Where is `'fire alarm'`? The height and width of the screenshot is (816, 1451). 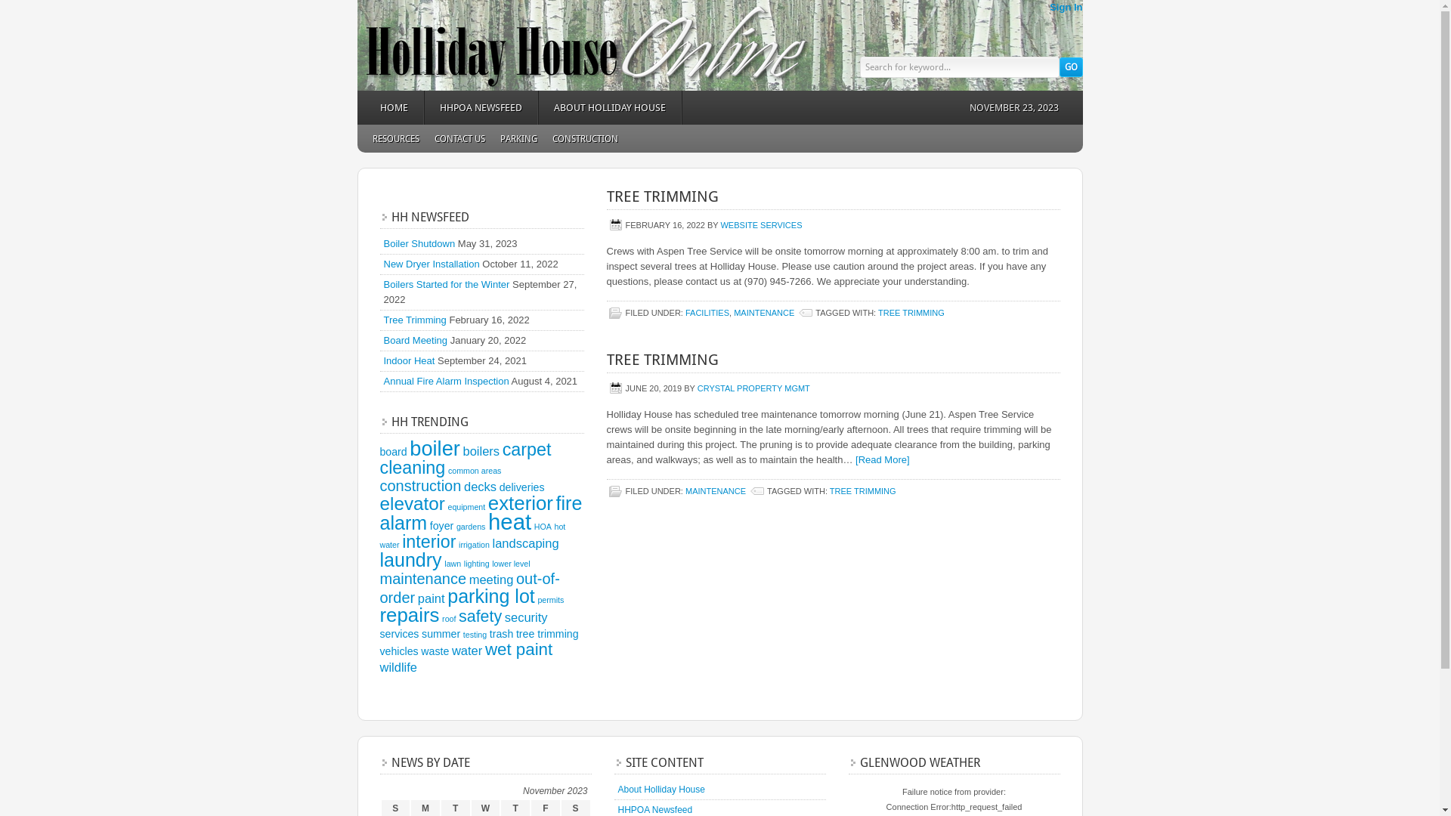
'fire alarm' is located at coordinates (379, 512).